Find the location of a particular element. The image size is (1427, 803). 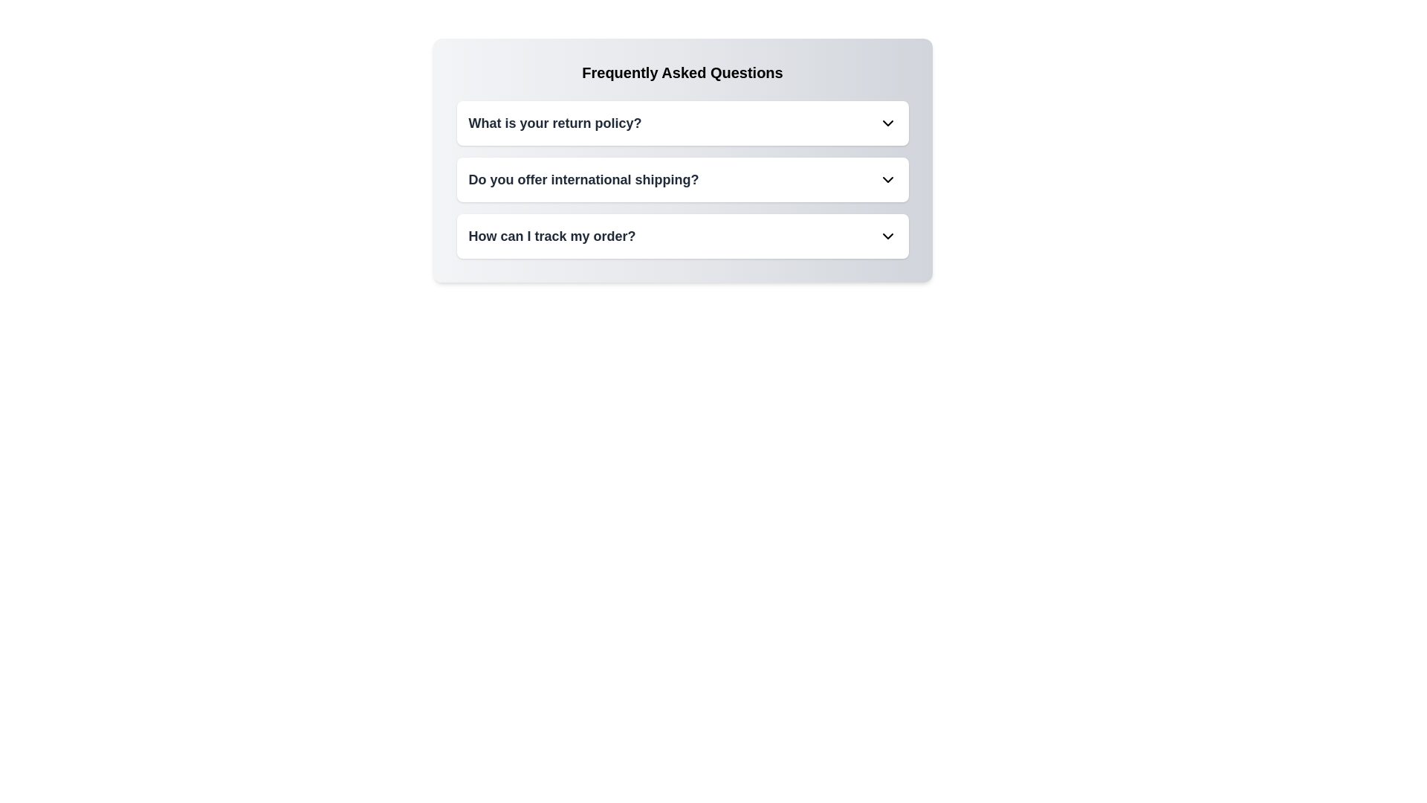

the FAQ item corresponding to What is your return policy? to expand or collapse it is located at coordinates (682, 122).